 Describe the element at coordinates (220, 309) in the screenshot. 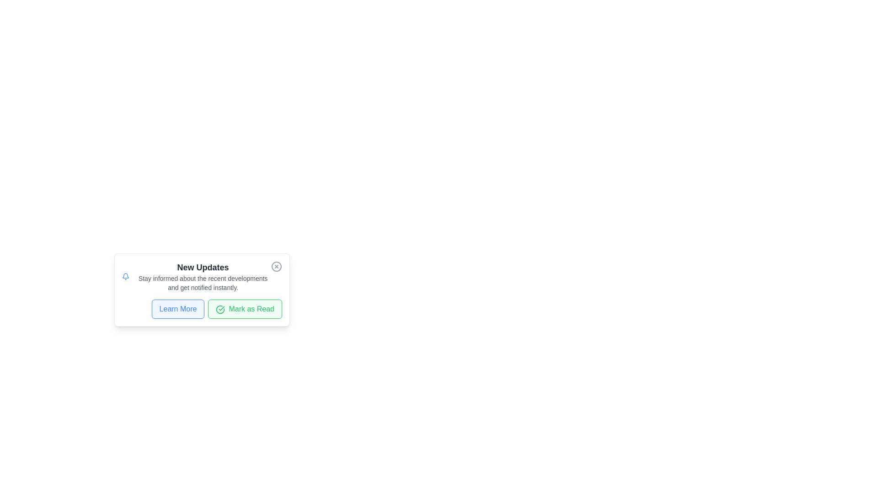

I see `the graphical icon component positioned at the top-left section of the 'New Updates' dialog box, which serves as a visual cue or check-related symbol` at that location.